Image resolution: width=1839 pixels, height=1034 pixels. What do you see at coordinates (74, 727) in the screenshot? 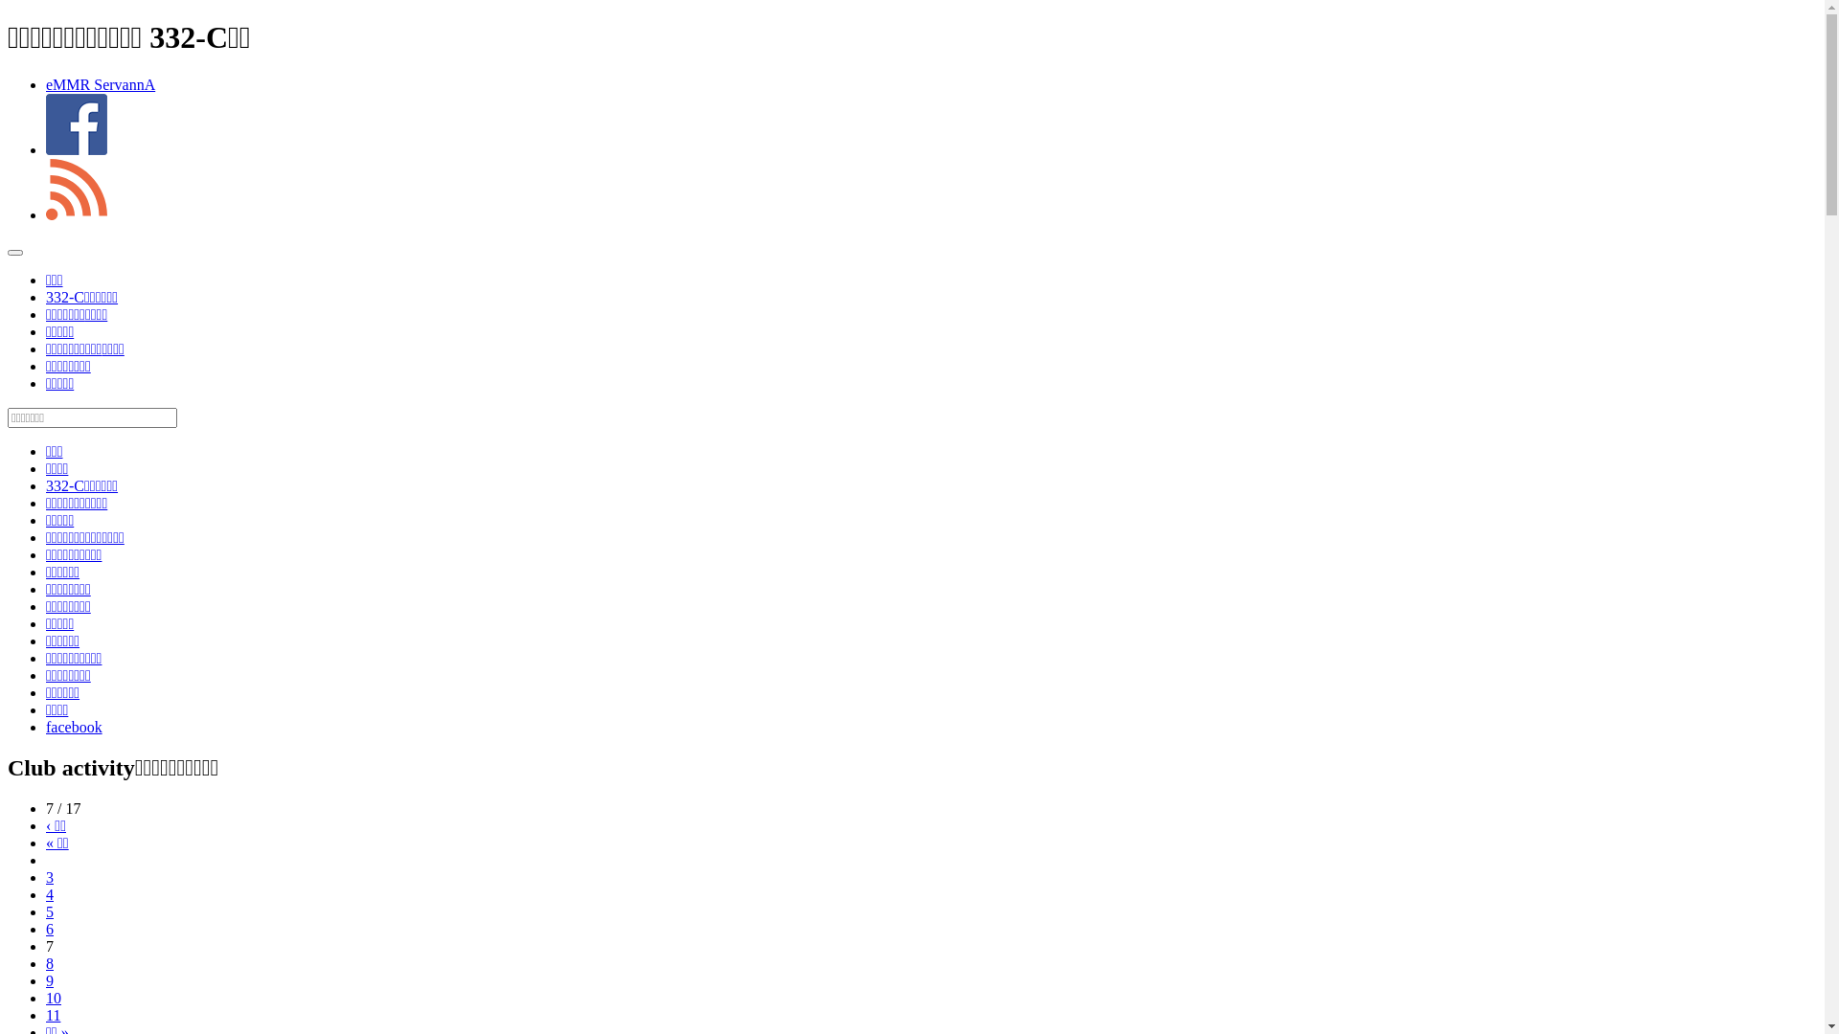
I see `'facebook'` at bounding box center [74, 727].